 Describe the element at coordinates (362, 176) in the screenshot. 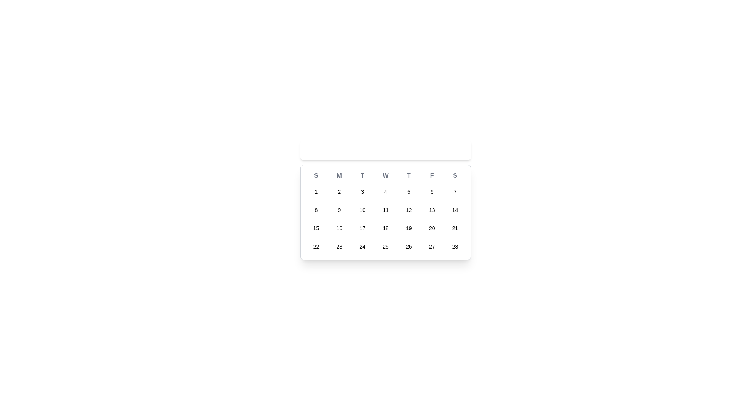

I see `the static text label indicating the first letter of the day Tuesday in the calendar header located in the third column of the header row` at that location.